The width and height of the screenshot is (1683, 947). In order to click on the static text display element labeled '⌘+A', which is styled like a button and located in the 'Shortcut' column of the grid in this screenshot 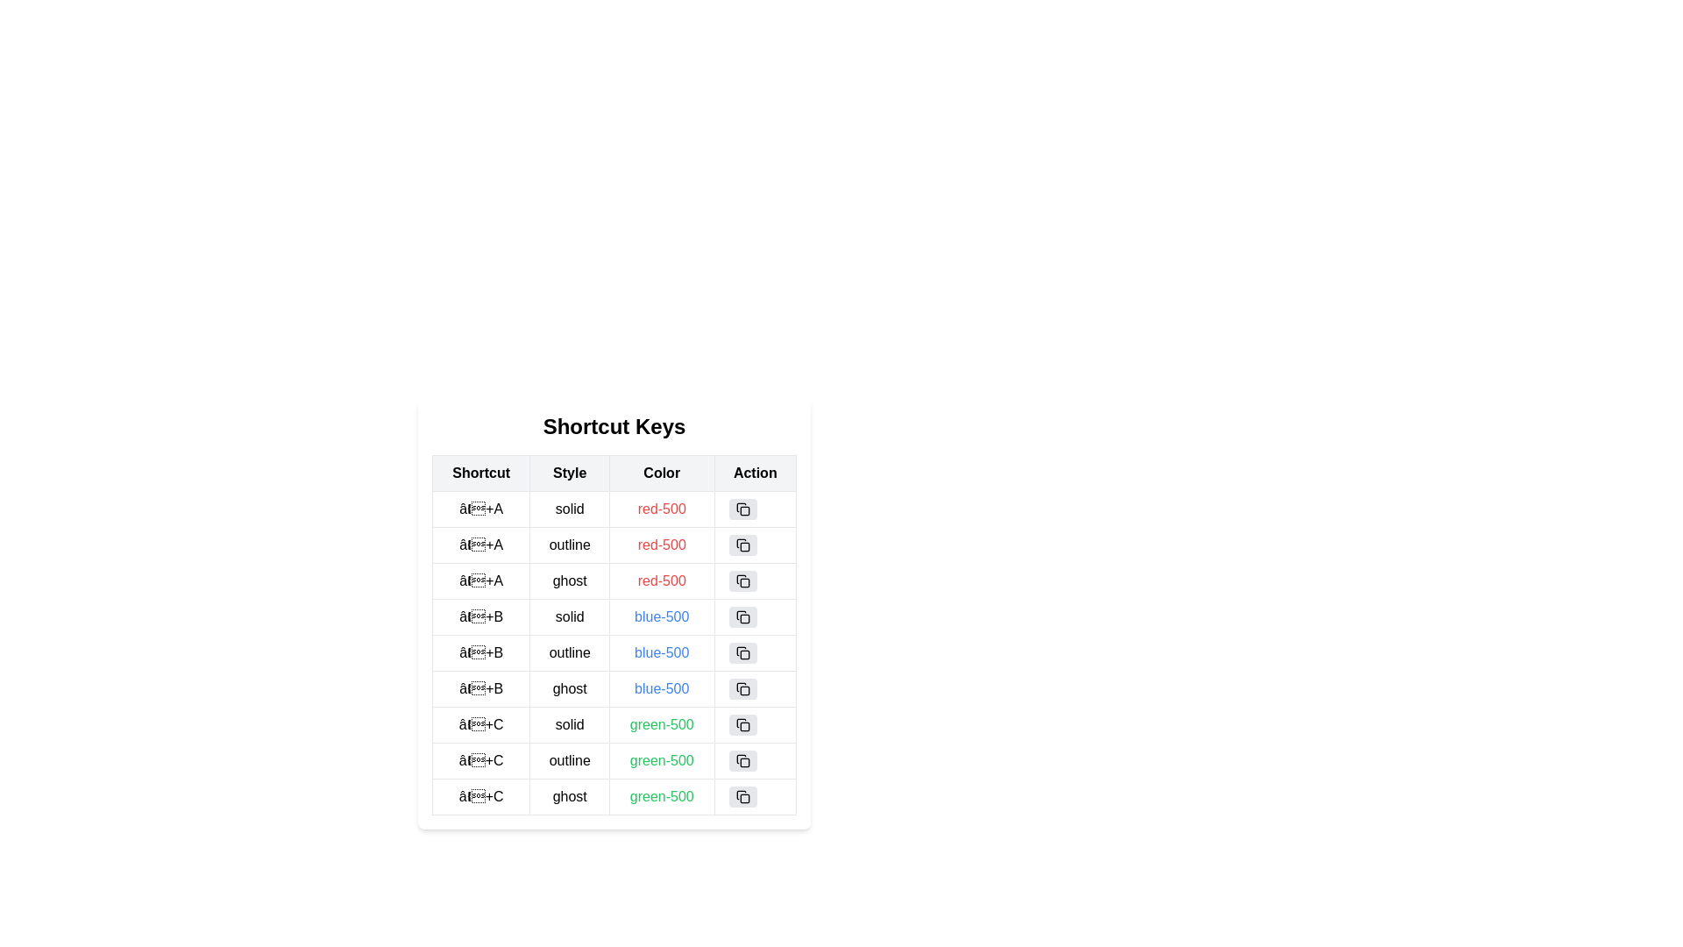, I will do `click(481, 509)`.